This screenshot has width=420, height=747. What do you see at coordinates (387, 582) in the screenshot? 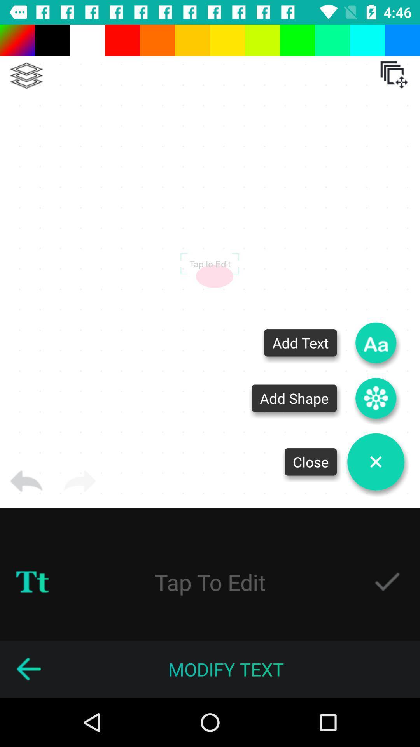
I see `mark as selected` at bounding box center [387, 582].